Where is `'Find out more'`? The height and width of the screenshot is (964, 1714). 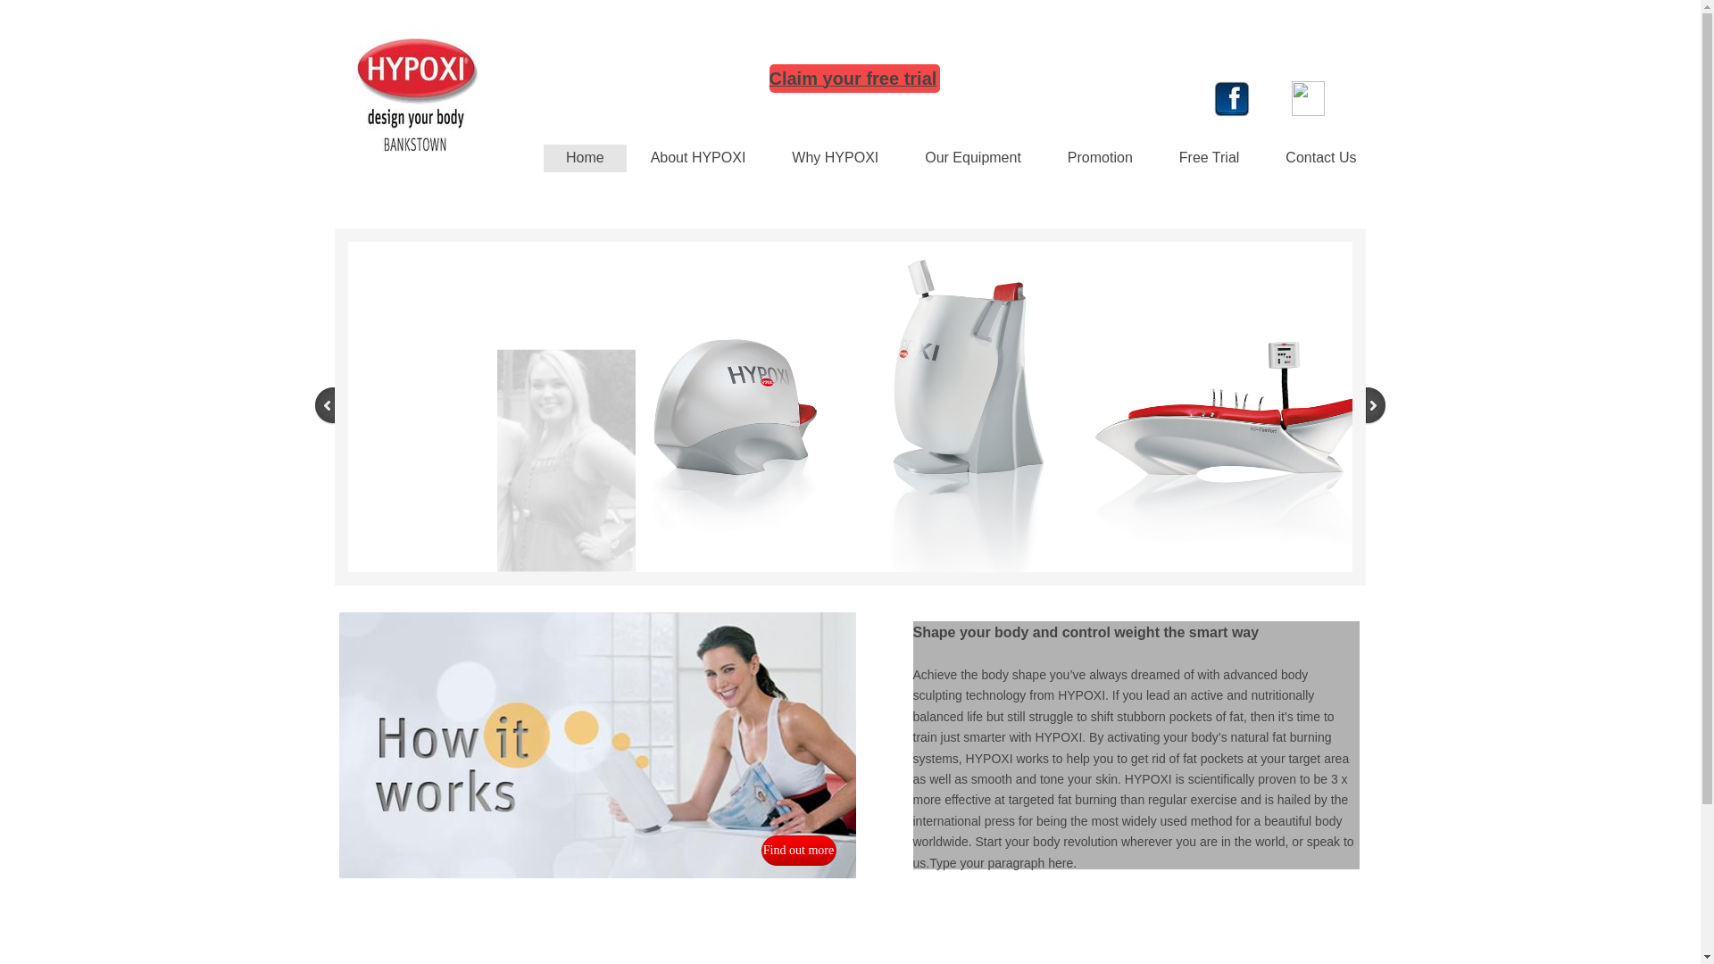
'Find out more' is located at coordinates (796, 849).